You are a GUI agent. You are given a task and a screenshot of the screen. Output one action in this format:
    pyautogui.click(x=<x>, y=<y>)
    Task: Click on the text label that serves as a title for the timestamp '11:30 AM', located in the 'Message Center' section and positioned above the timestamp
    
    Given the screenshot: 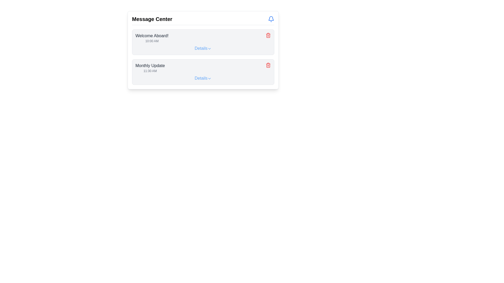 What is the action you would take?
    pyautogui.click(x=150, y=65)
    